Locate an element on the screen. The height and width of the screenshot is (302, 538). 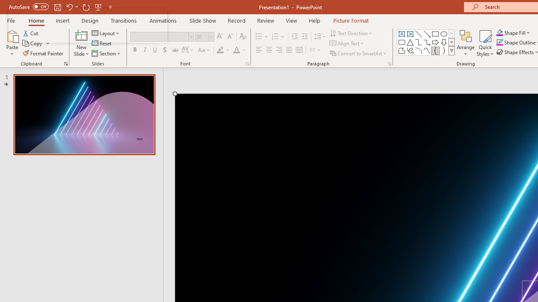
'Text Box' is located at coordinates (401, 34).